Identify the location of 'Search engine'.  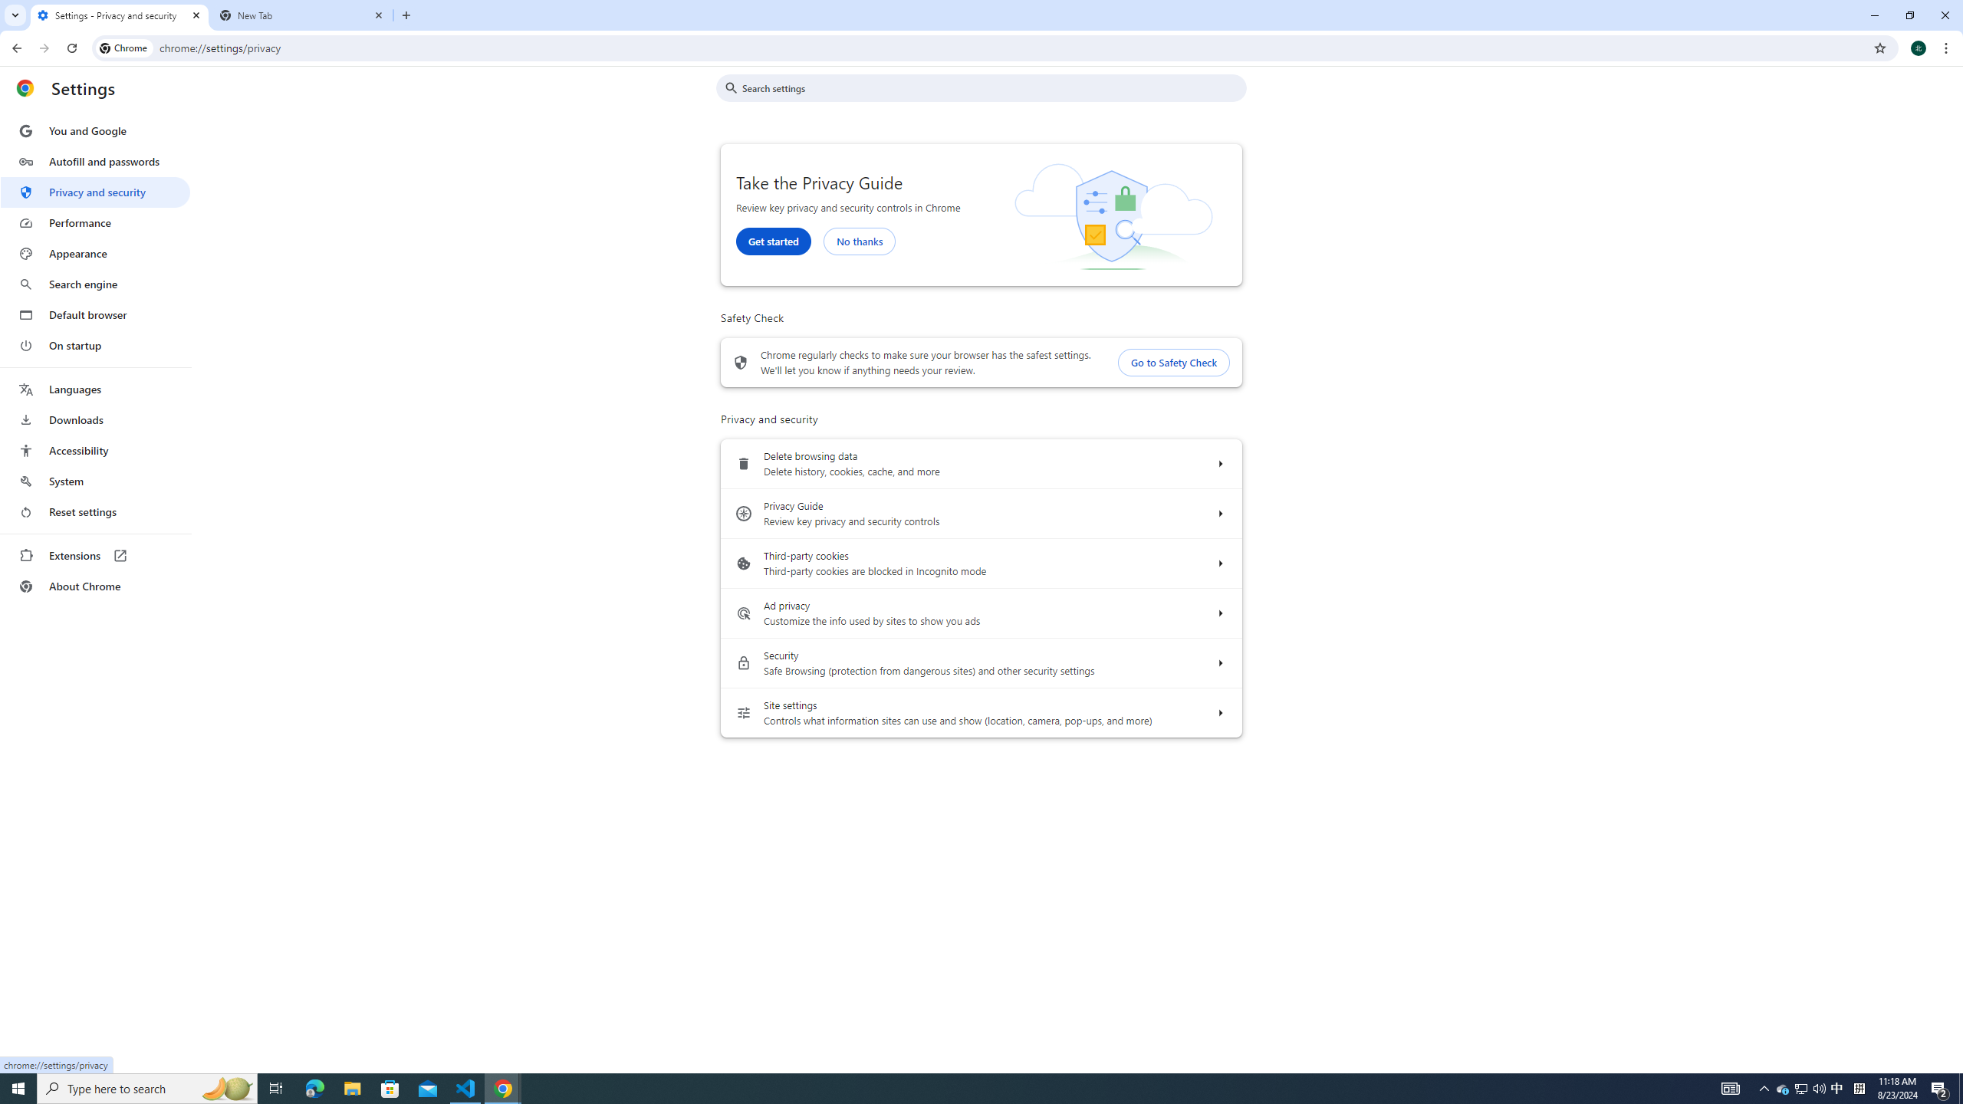
(94, 284).